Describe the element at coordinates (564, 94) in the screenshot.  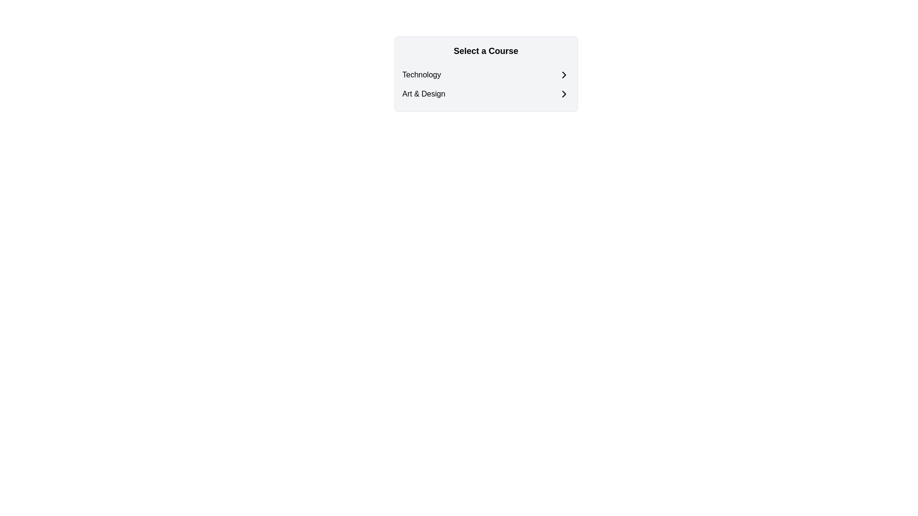
I see `the rightward Chevron icon adjacent to the 'Art & Design' label to proceed to the next stage` at that location.